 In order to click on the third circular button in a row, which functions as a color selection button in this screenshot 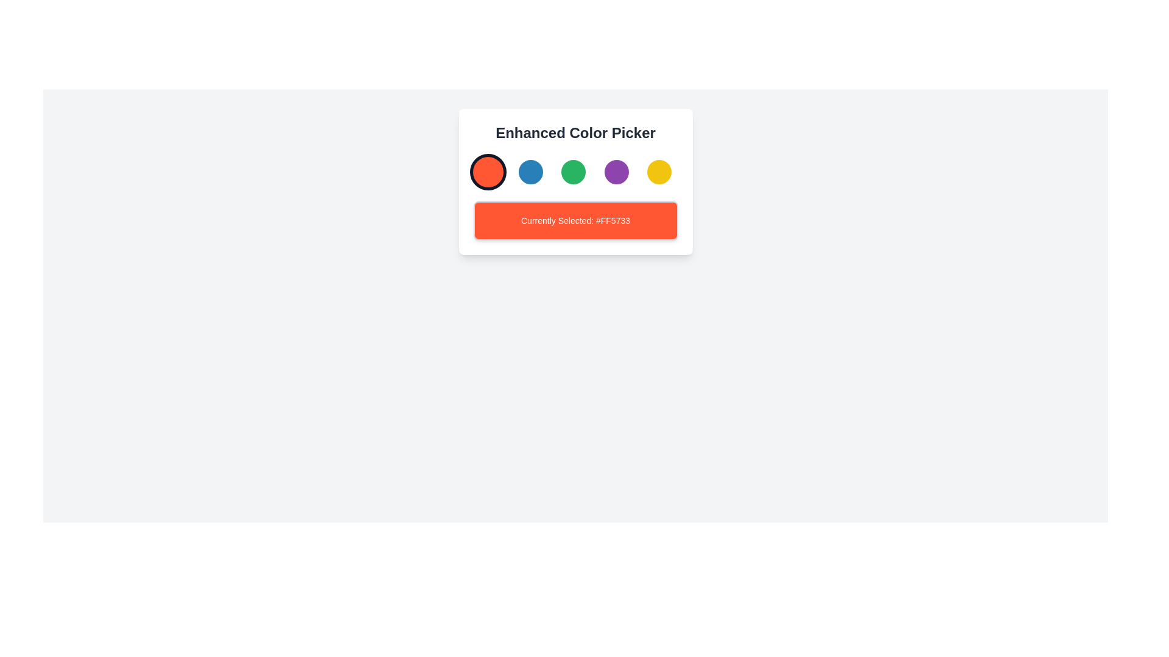, I will do `click(572, 172)`.